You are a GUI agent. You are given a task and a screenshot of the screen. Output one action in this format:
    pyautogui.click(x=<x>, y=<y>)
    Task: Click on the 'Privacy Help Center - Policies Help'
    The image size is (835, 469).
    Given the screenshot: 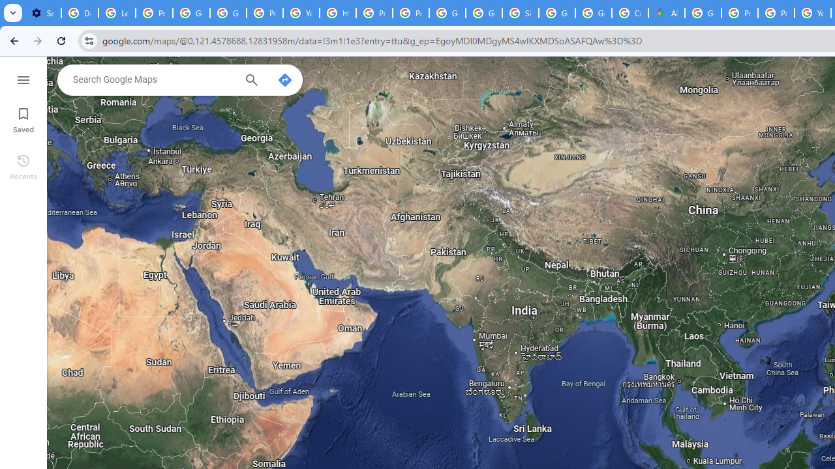 What is the action you would take?
    pyautogui.click(x=740, y=13)
    